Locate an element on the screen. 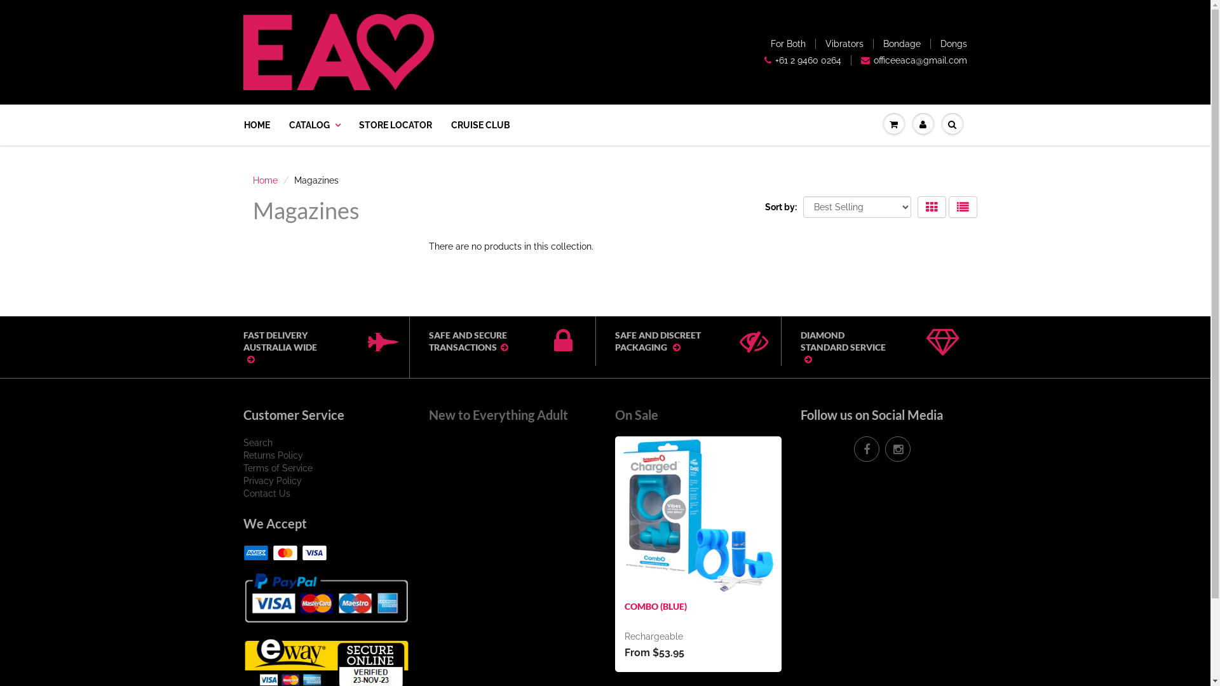 The image size is (1220, 686). 'HOME' is located at coordinates (244, 124).